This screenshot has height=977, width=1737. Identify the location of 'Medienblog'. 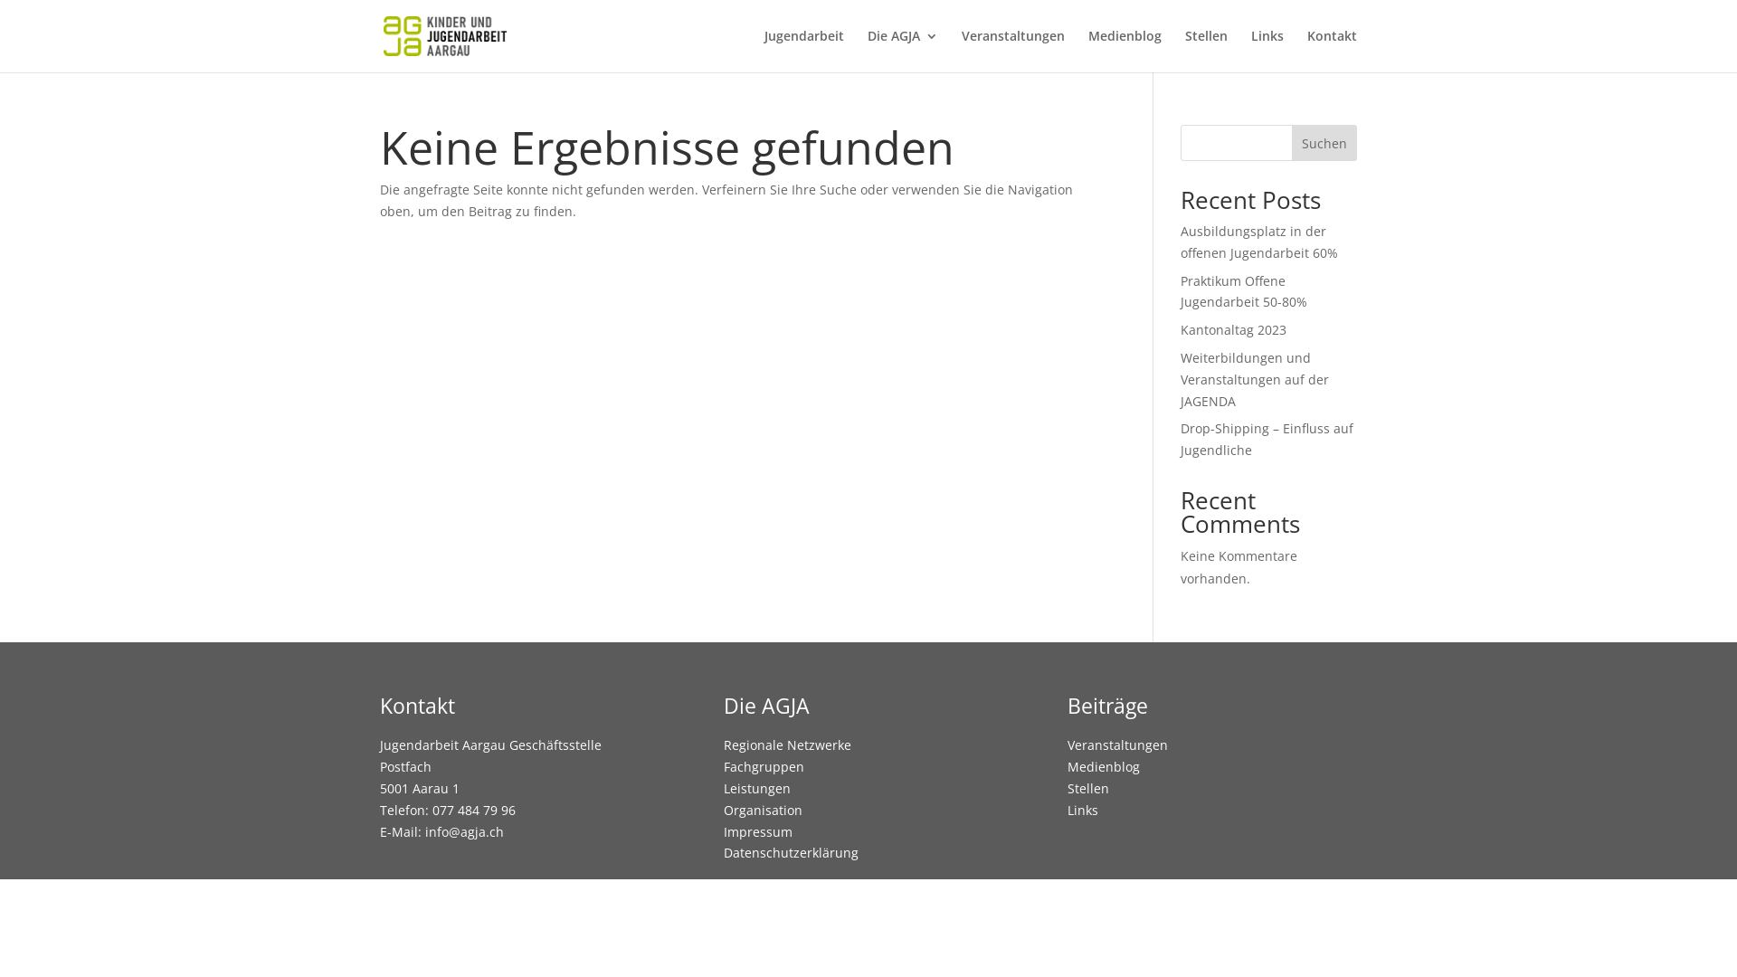
(1068, 766).